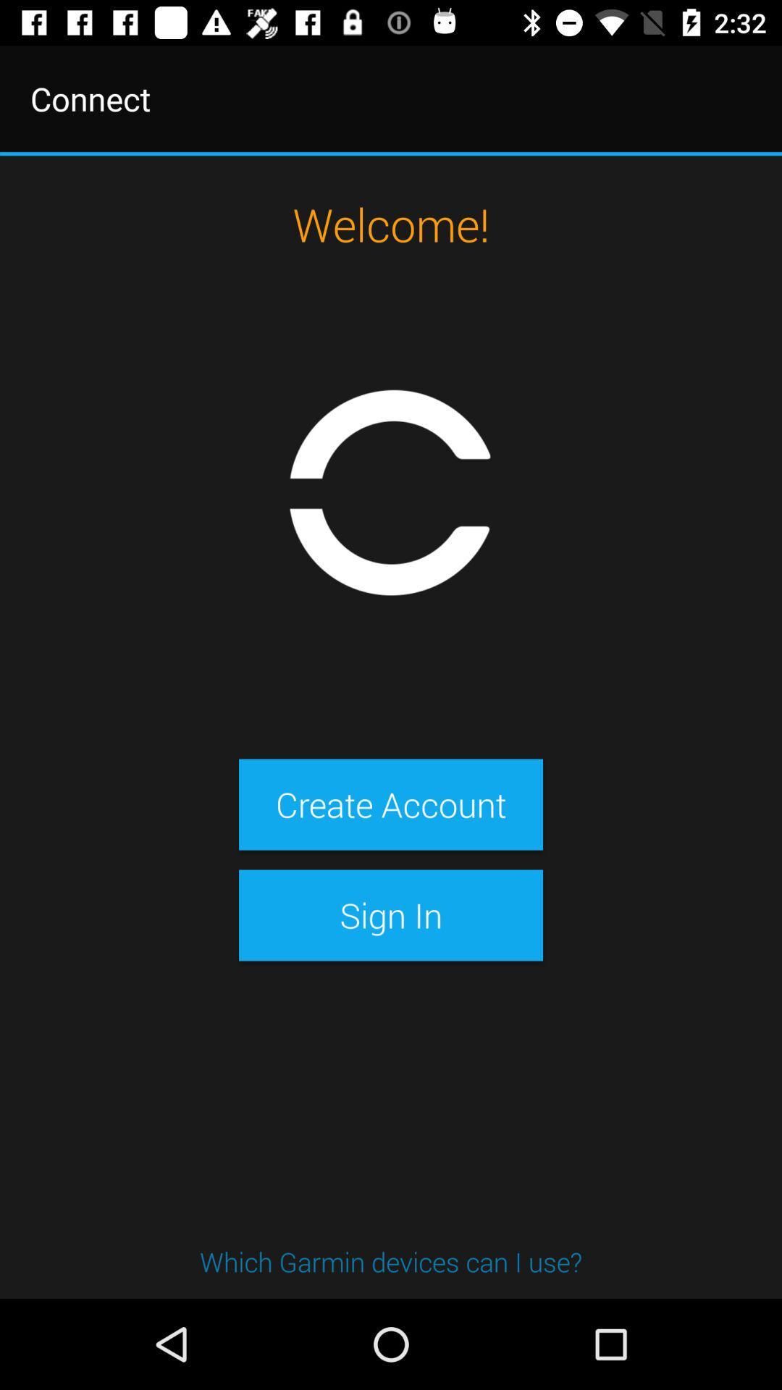 The height and width of the screenshot is (1390, 782). Describe the element at coordinates (391, 804) in the screenshot. I see `the item above the sign in` at that location.